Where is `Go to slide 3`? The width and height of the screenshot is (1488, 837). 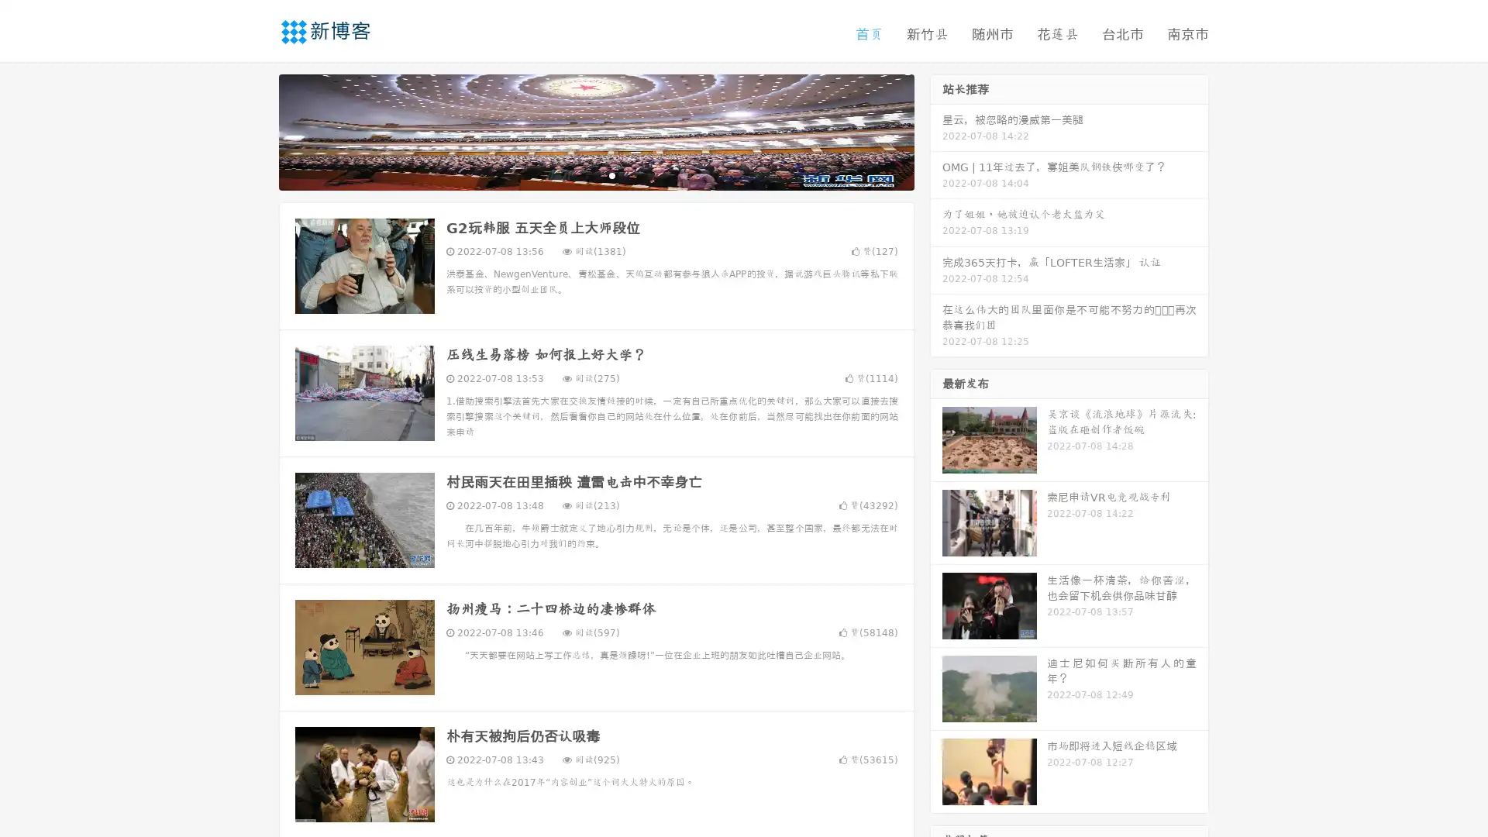
Go to slide 3 is located at coordinates (611, 174).